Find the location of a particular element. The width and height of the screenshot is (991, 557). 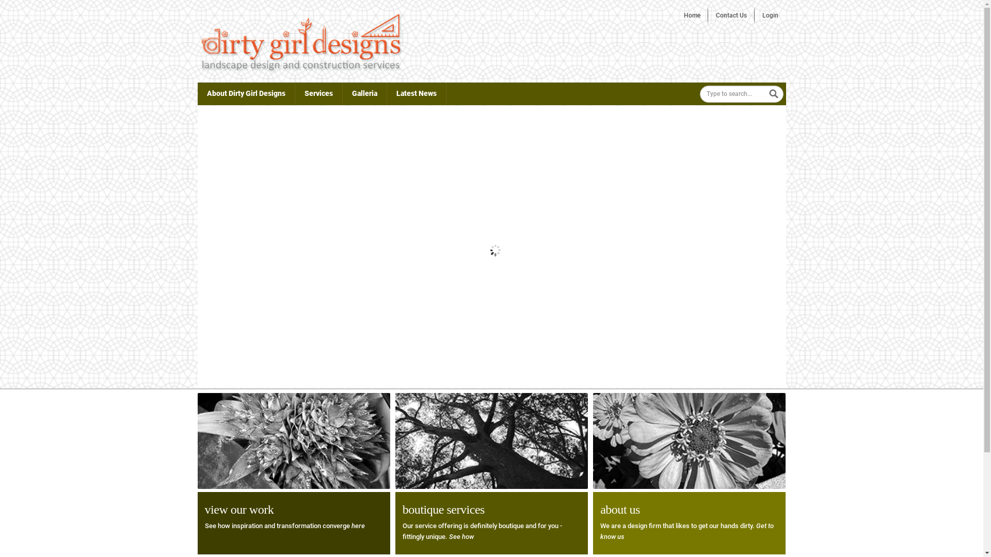

'Latest News' is located at coordinates (416, 93).